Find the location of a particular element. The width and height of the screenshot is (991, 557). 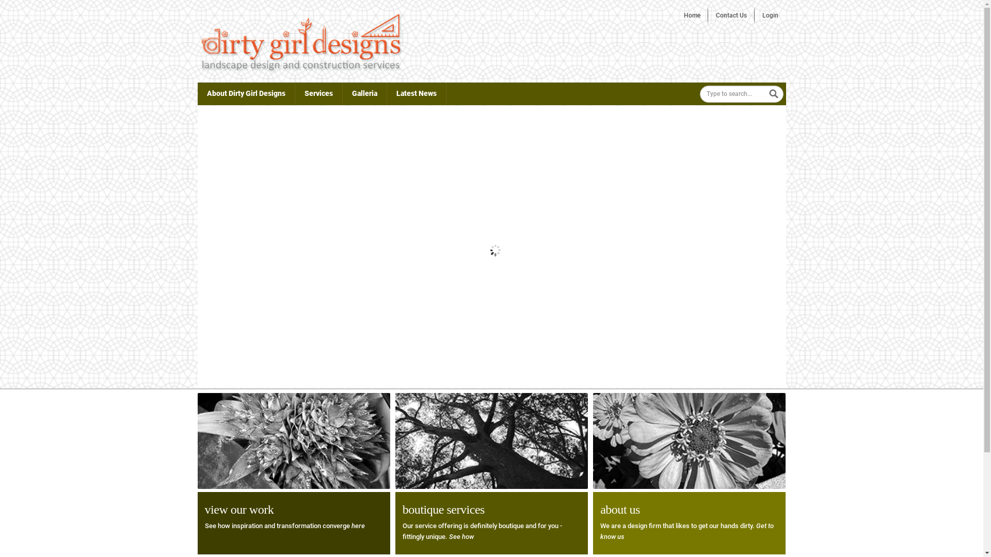

'Latest News' is located at coordinates (416, 93).